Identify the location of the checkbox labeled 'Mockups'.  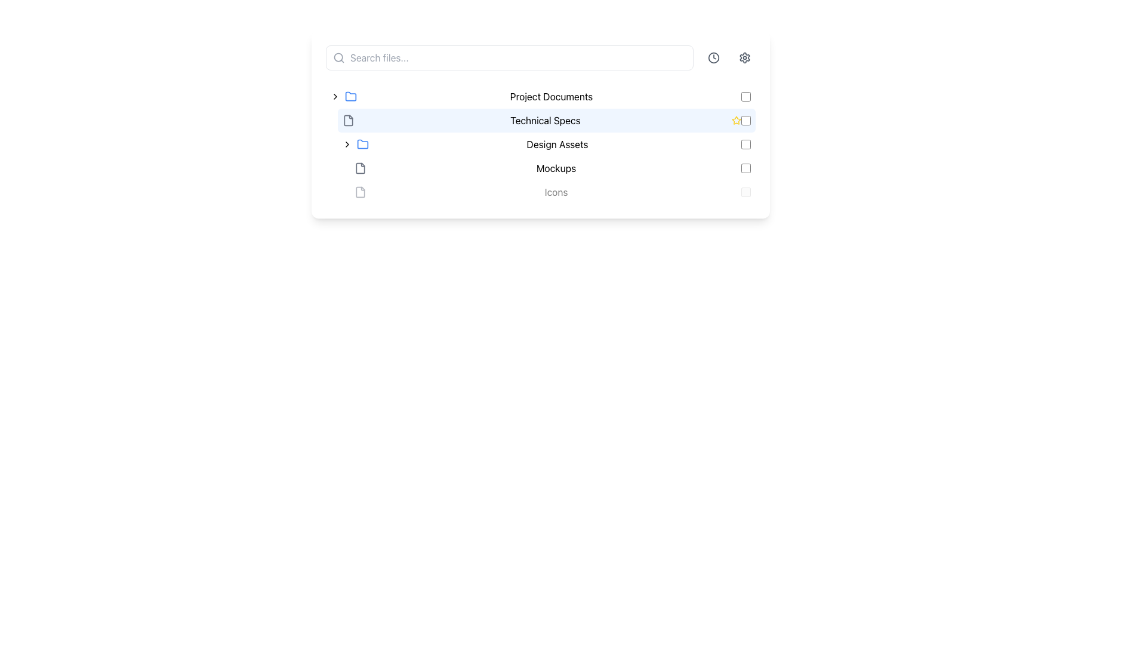
(745, 168).